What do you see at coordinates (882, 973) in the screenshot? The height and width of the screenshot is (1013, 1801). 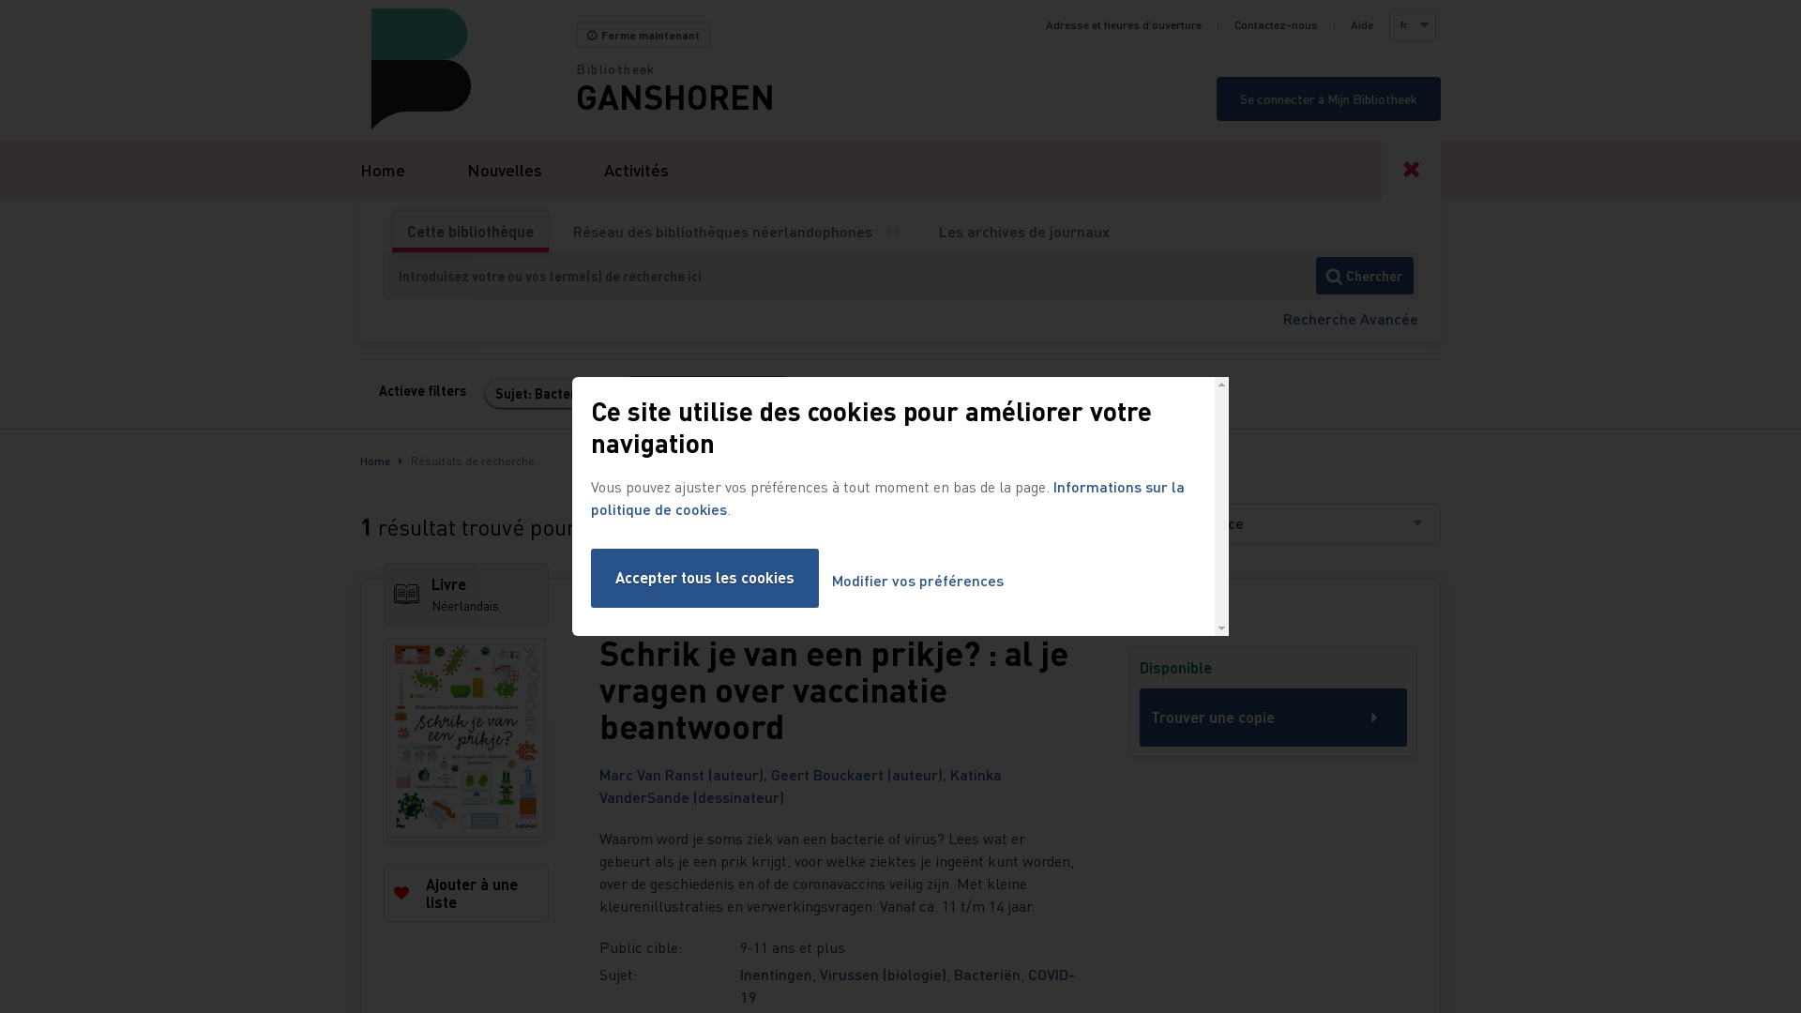 I see `'Virussen (biologie)'` at bounding box center [882, 973].